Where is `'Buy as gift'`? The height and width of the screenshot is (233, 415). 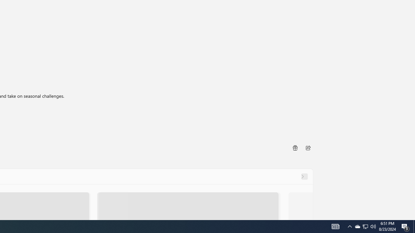
'Buy as gift' is located at coordinates (294, 148).